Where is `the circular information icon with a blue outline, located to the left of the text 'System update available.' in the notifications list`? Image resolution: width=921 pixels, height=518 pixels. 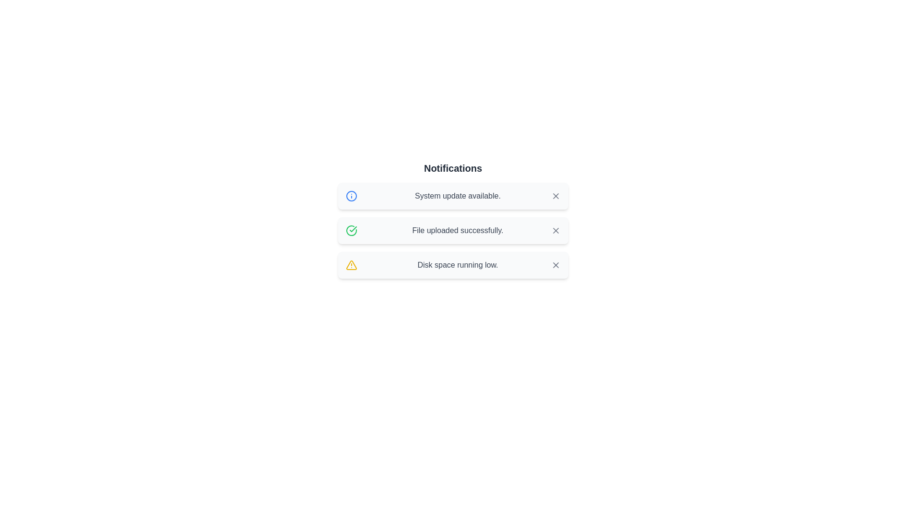
the circular information icon with a blue outline, located to the left of the text 'System update available.' in the notifications list is located at coordinates (351, 195).